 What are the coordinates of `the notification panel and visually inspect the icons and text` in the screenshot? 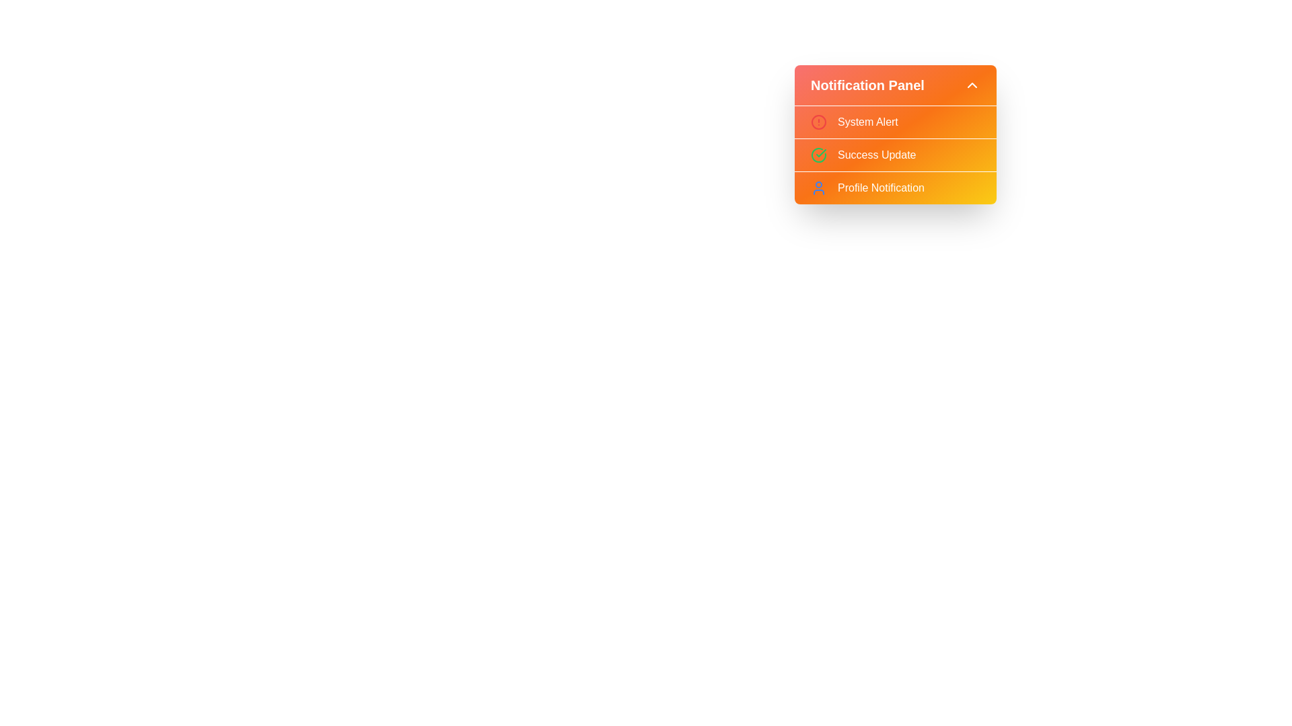 It's located at (895, 155).